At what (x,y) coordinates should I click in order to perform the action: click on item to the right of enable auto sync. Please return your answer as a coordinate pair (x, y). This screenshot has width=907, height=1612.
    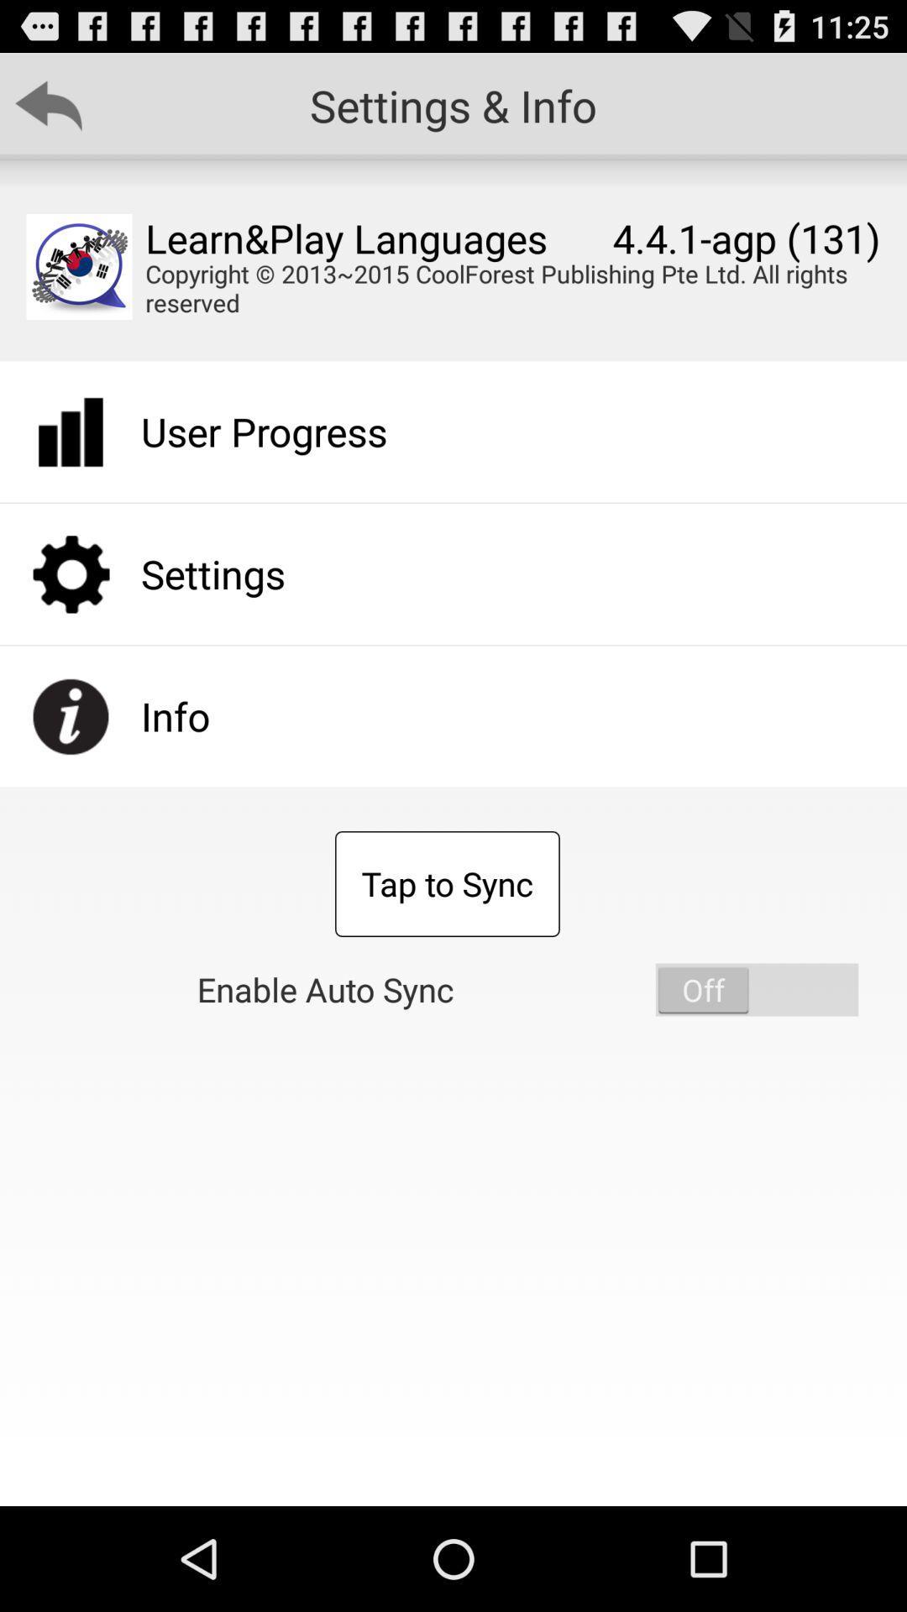
    Looking at the image, I should click on (757, 990).